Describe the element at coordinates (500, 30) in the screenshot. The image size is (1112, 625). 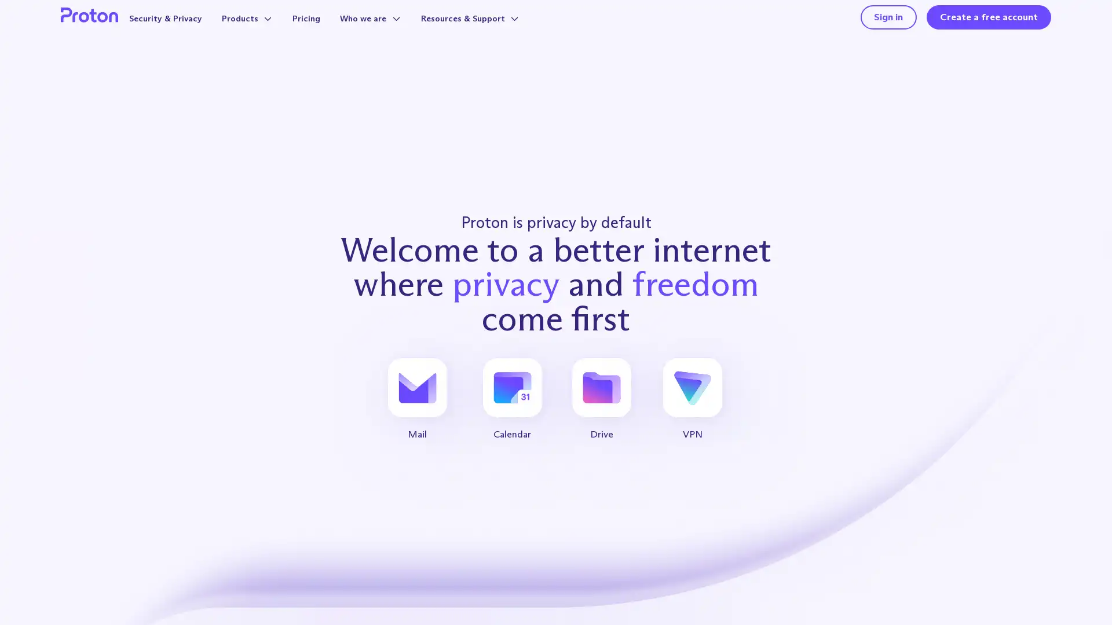
I see `Resources & Support` at that location.